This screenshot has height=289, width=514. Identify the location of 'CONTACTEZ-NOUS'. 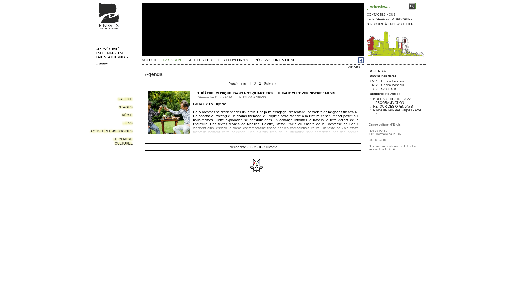
(366, 14).